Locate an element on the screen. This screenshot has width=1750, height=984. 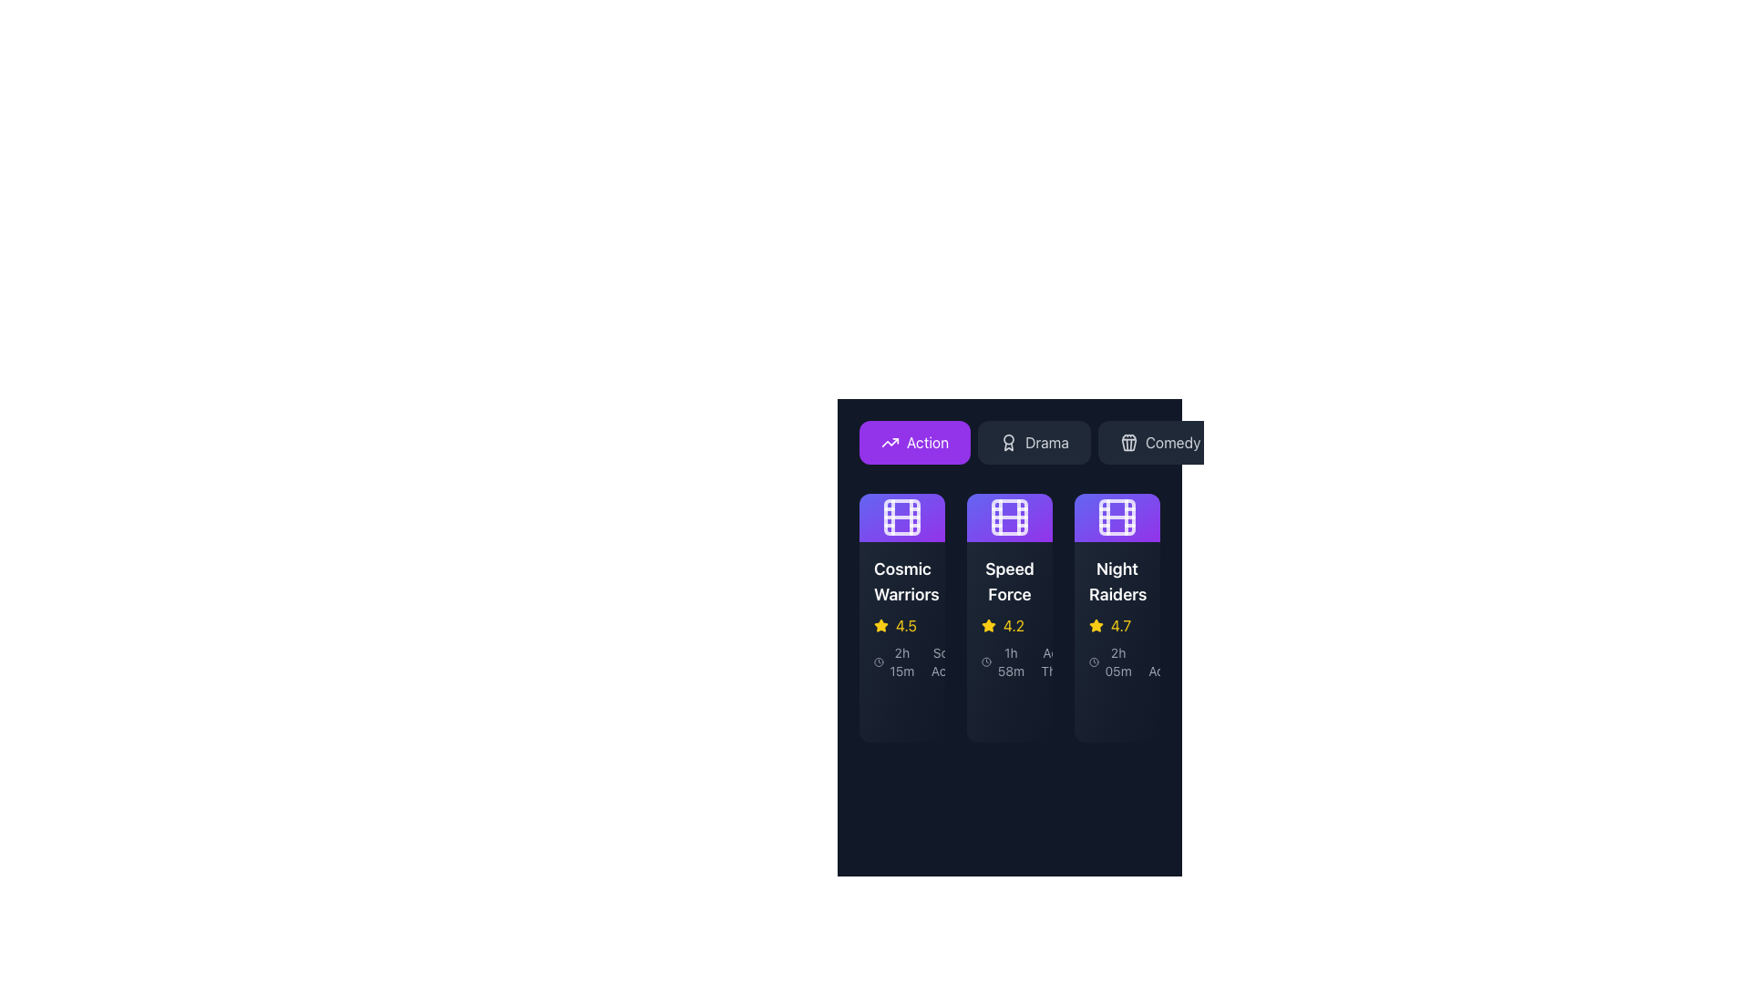
the icon associated with the duration label for the movie 'Cosmic Warriors', which is located in the first card below the rating and stars, and above the genre information is located at coordinates (901, 661).